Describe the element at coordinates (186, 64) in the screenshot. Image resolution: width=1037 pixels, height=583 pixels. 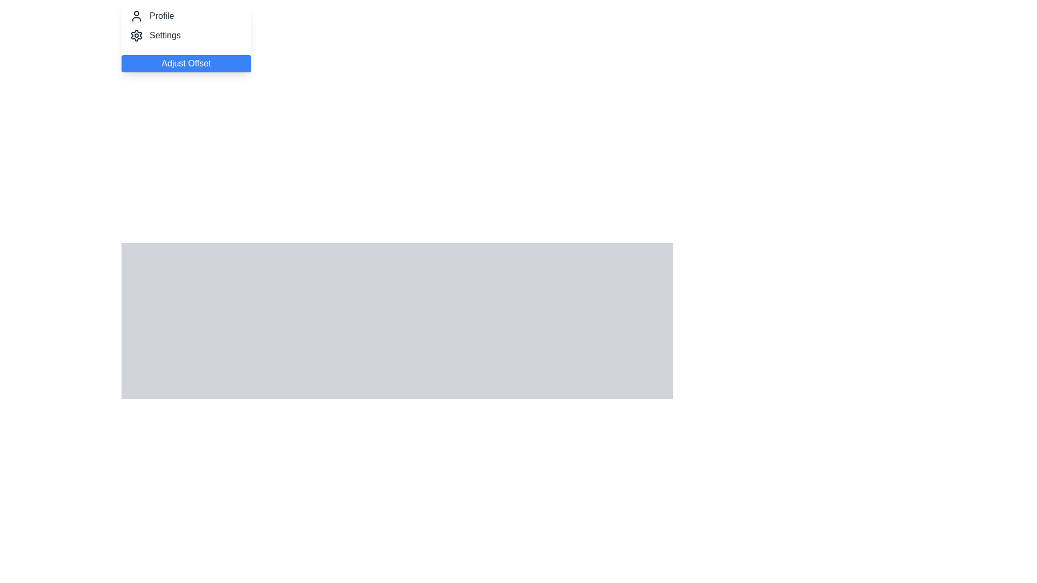
I see `the 'Adjust Offset' button, which is a rectangular button with rounded edges, blue background, and white text, located at the bottom of a dropdown panel` at that location.